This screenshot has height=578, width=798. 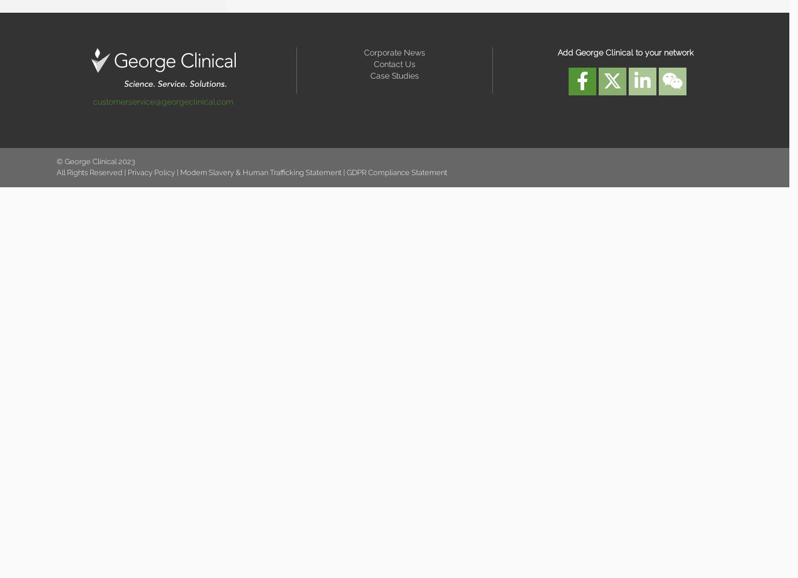 I want to click on '© George Clinical 2023', so click(x=95, y=161).